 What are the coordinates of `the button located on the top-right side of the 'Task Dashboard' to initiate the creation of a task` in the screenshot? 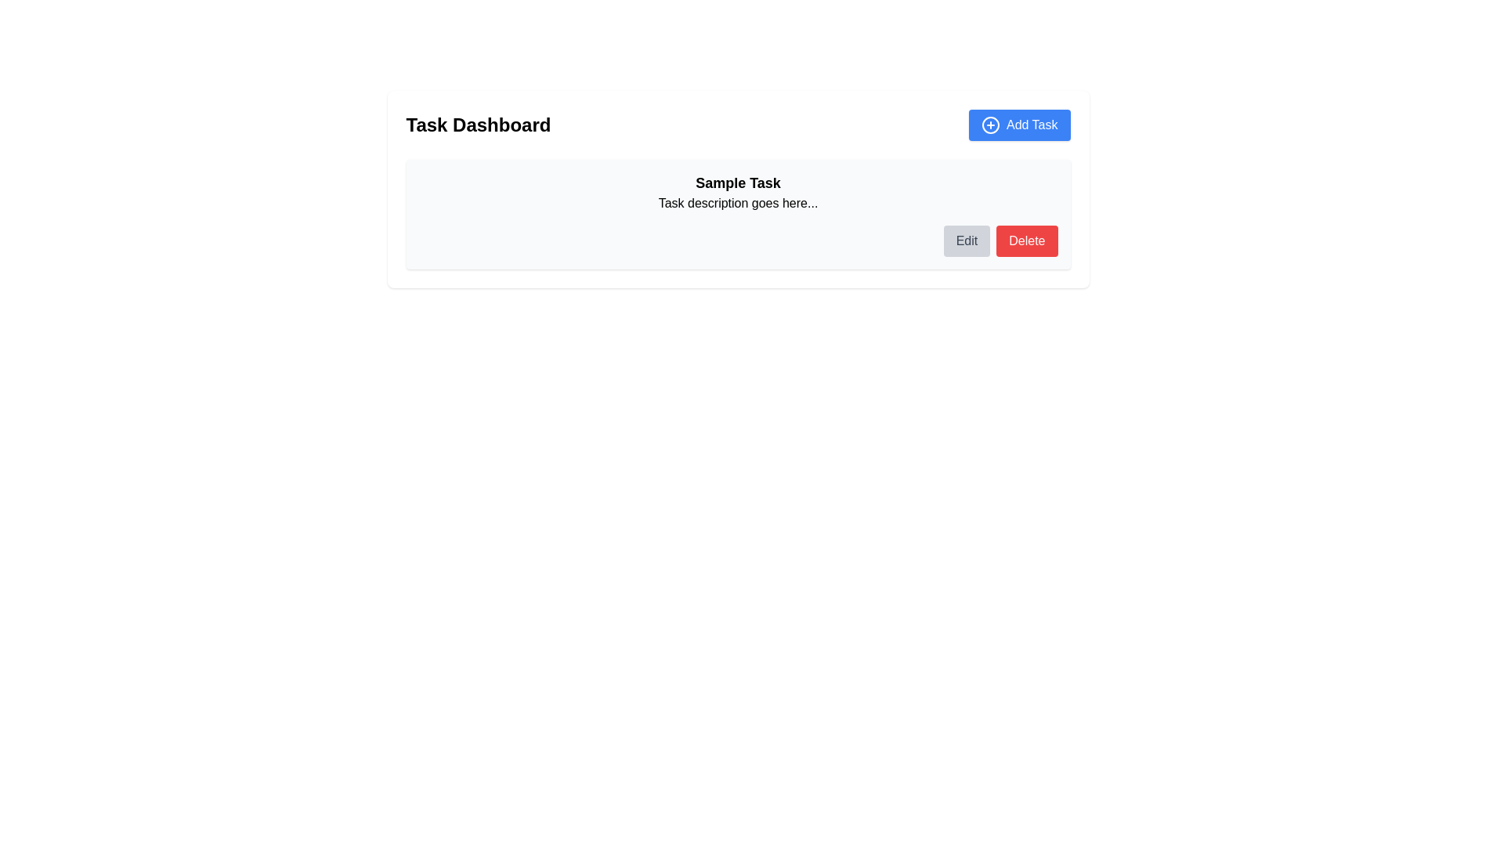 It's located at (1019, 124).